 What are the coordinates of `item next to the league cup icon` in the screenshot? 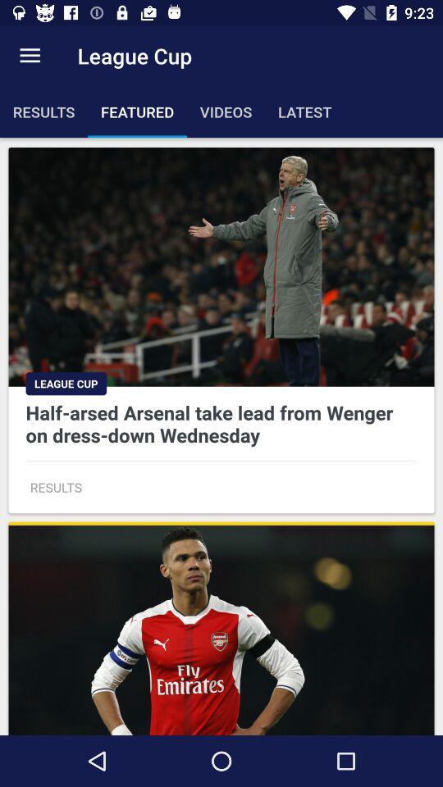 It's located at (30, 56).